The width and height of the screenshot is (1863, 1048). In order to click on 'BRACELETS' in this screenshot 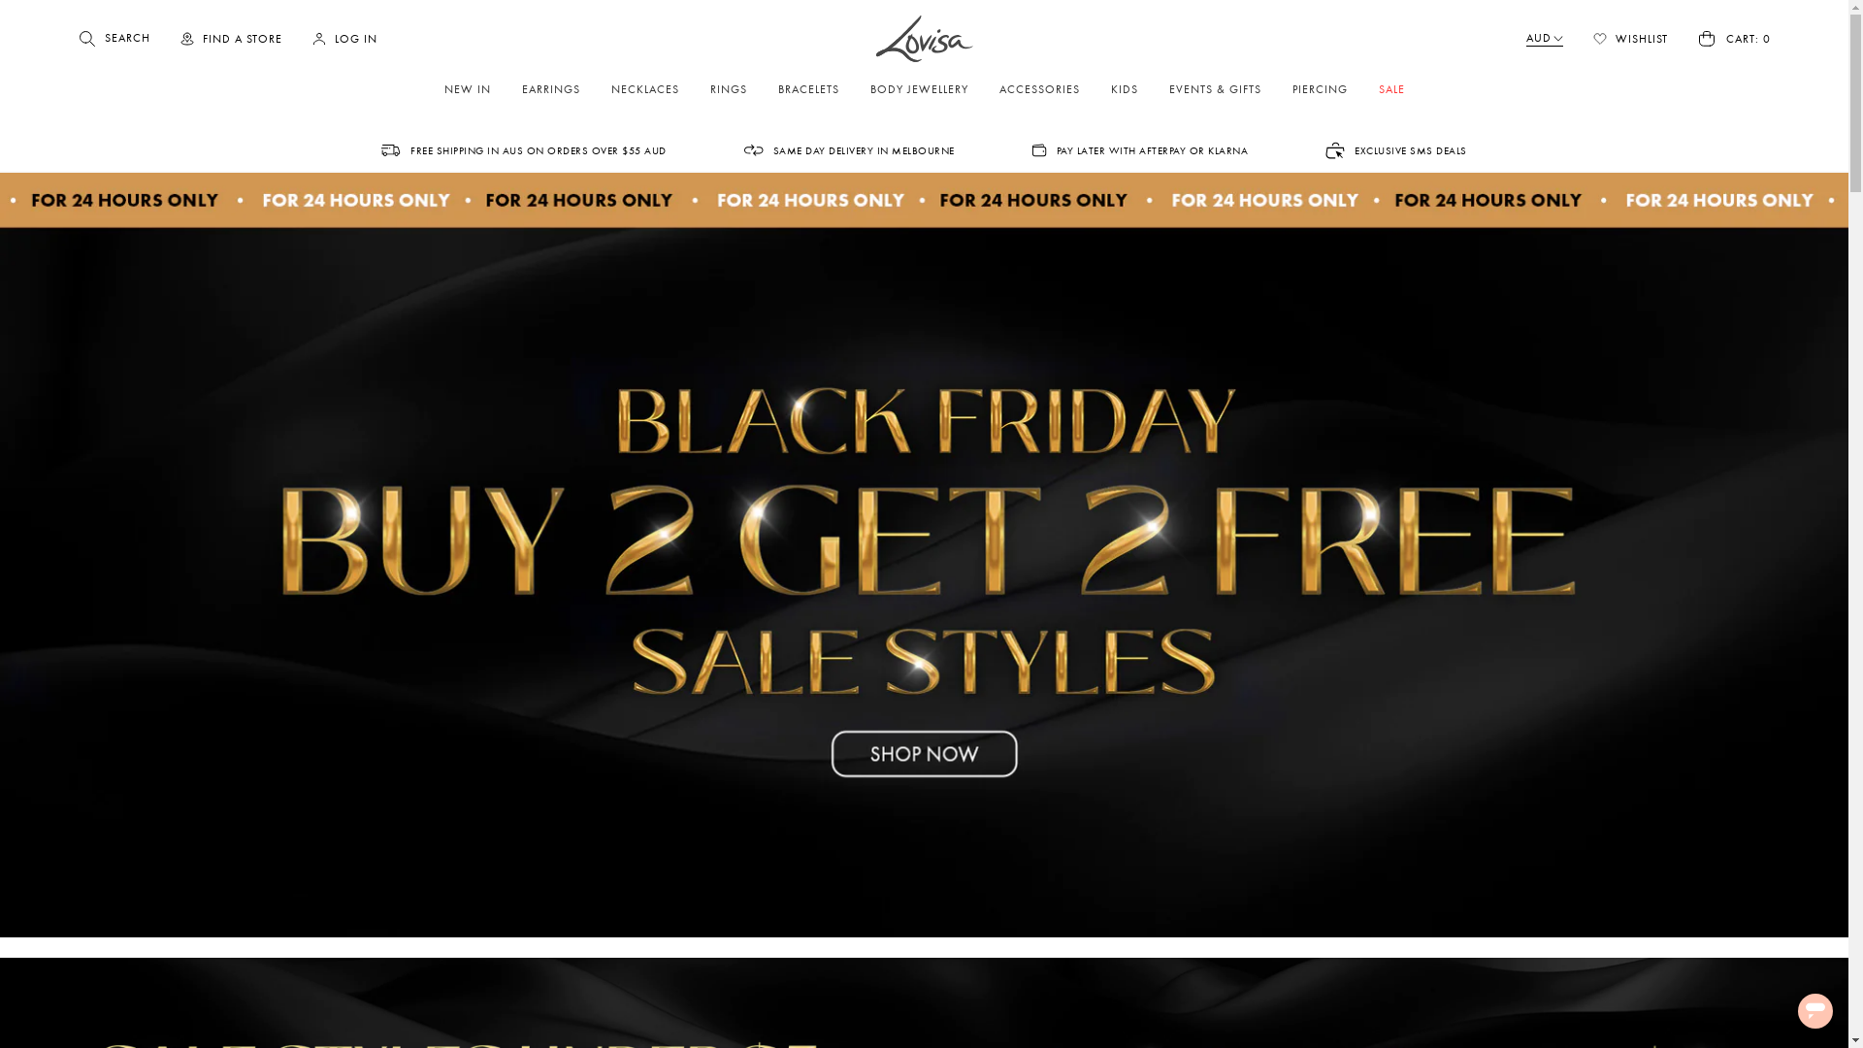, I will do `click(808, 89)`.